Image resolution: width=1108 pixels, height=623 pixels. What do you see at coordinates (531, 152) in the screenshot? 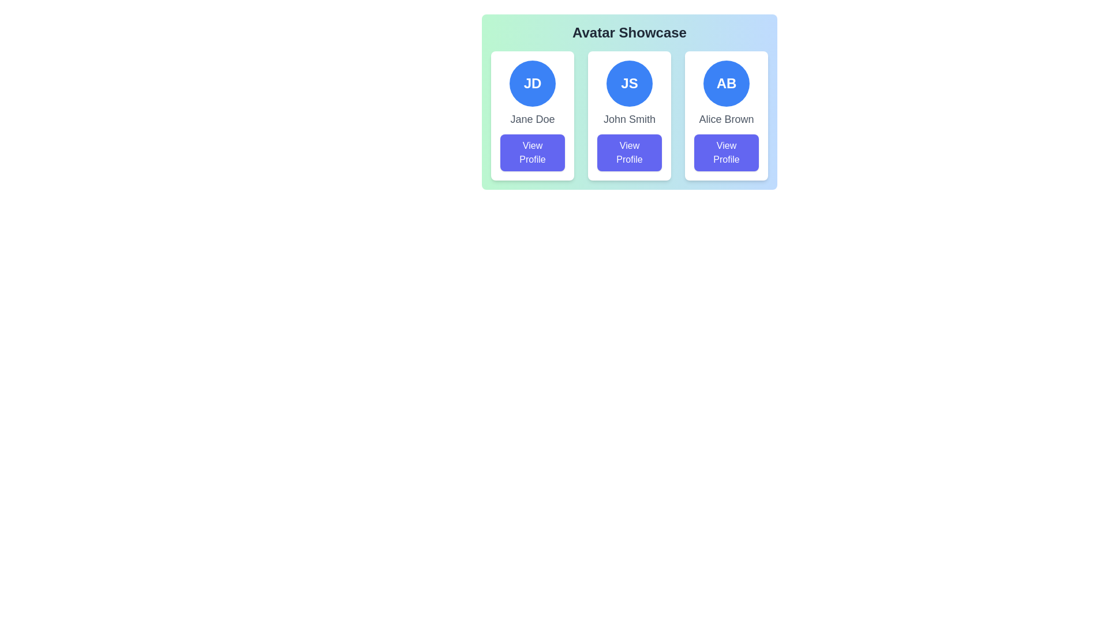
I see `the 'View Profile' button located below 'Jane Doe' in the profile card for 'Jane Doe'` at bounding box center [531, 152].